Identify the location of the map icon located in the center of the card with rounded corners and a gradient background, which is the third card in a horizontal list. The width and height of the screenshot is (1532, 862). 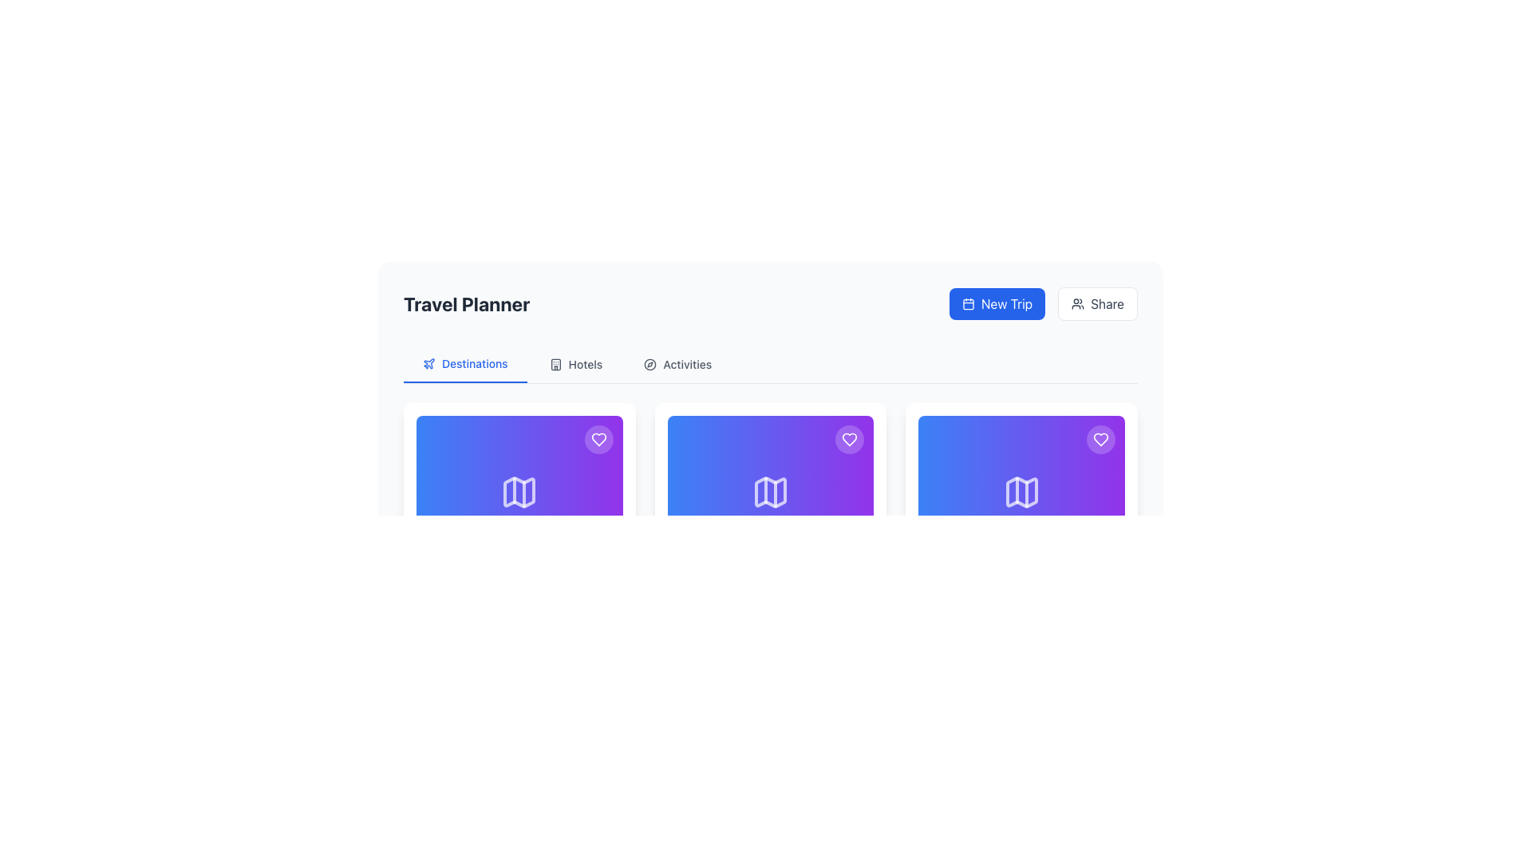
(1021, 492).